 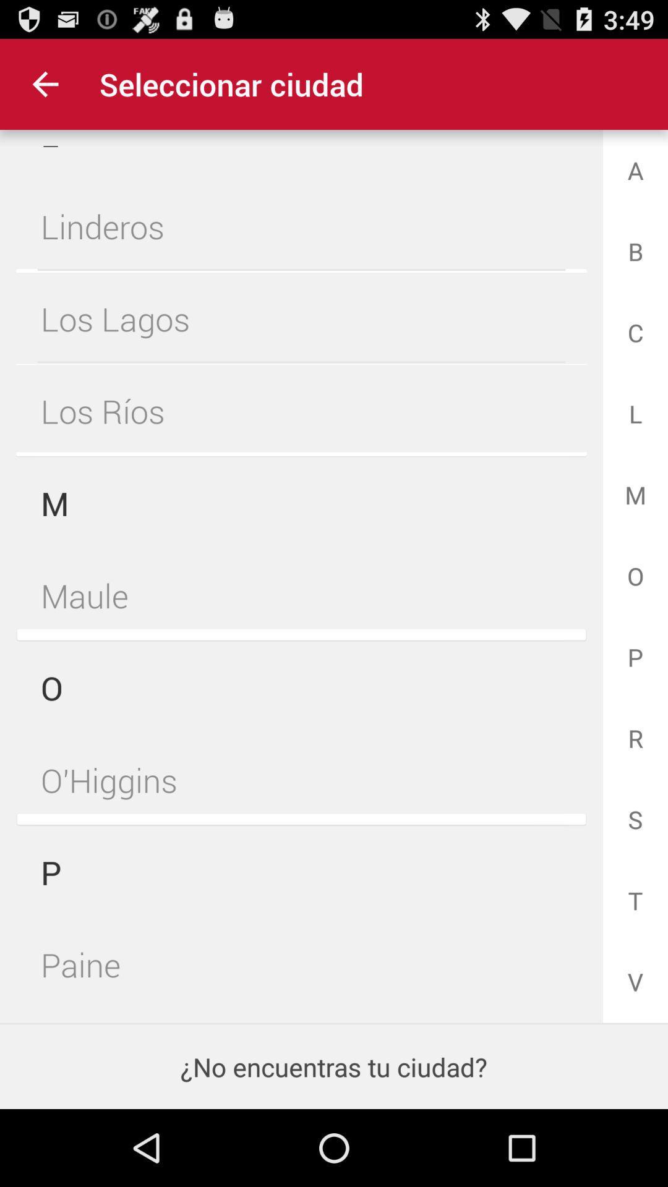 I want to click on icon next to c item, so click(x=301, y=318).